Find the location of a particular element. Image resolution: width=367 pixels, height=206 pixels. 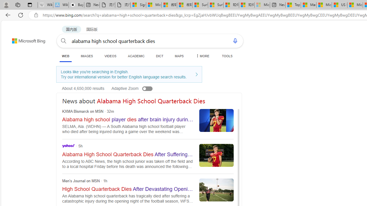

'WEB' is located at coordinates (65, 56).